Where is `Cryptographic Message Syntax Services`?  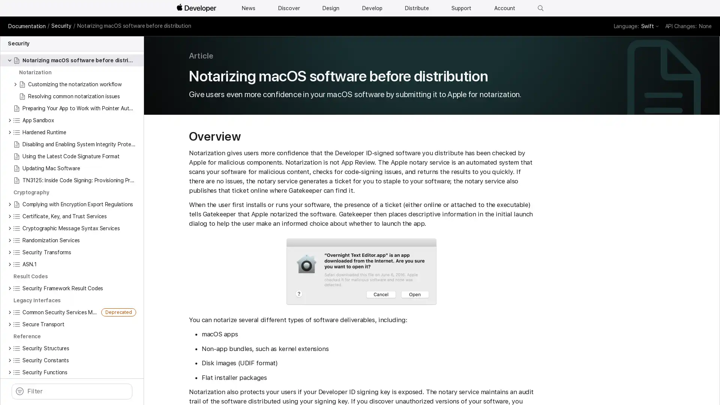
Cryptographic Message Syntax Services is located at coordinates (9, 232).